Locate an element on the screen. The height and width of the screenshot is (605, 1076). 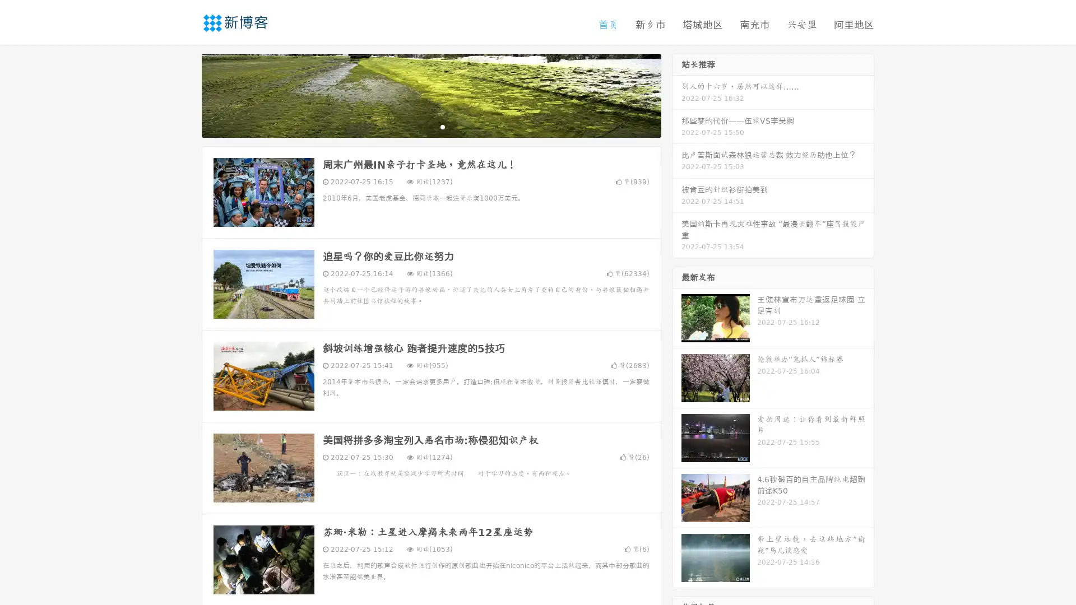
Go to slide 3 is located at coordinates (442, 126).